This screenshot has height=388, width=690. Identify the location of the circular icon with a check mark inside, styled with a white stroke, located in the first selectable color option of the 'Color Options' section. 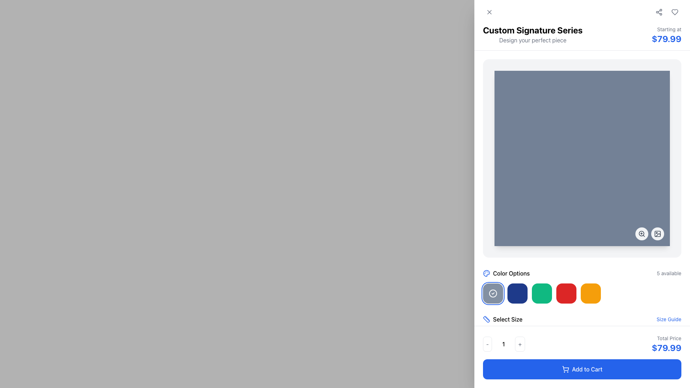
(493, 294).